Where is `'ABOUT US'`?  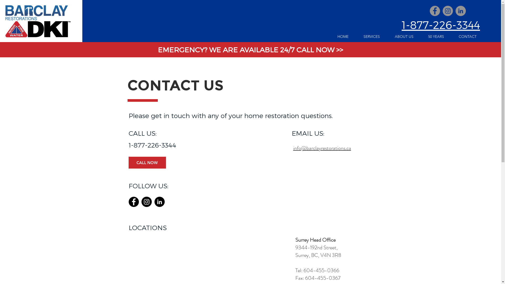
'ABOUT US' is located at coordinates (404, 36).